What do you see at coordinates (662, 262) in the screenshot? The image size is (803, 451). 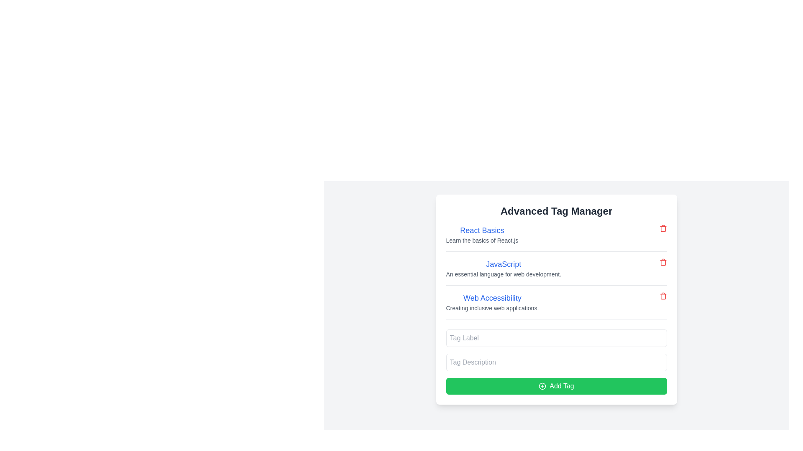 I see `the icon button located to the far right of the 'JavaScript' text section` at bounding box center [662, 262].